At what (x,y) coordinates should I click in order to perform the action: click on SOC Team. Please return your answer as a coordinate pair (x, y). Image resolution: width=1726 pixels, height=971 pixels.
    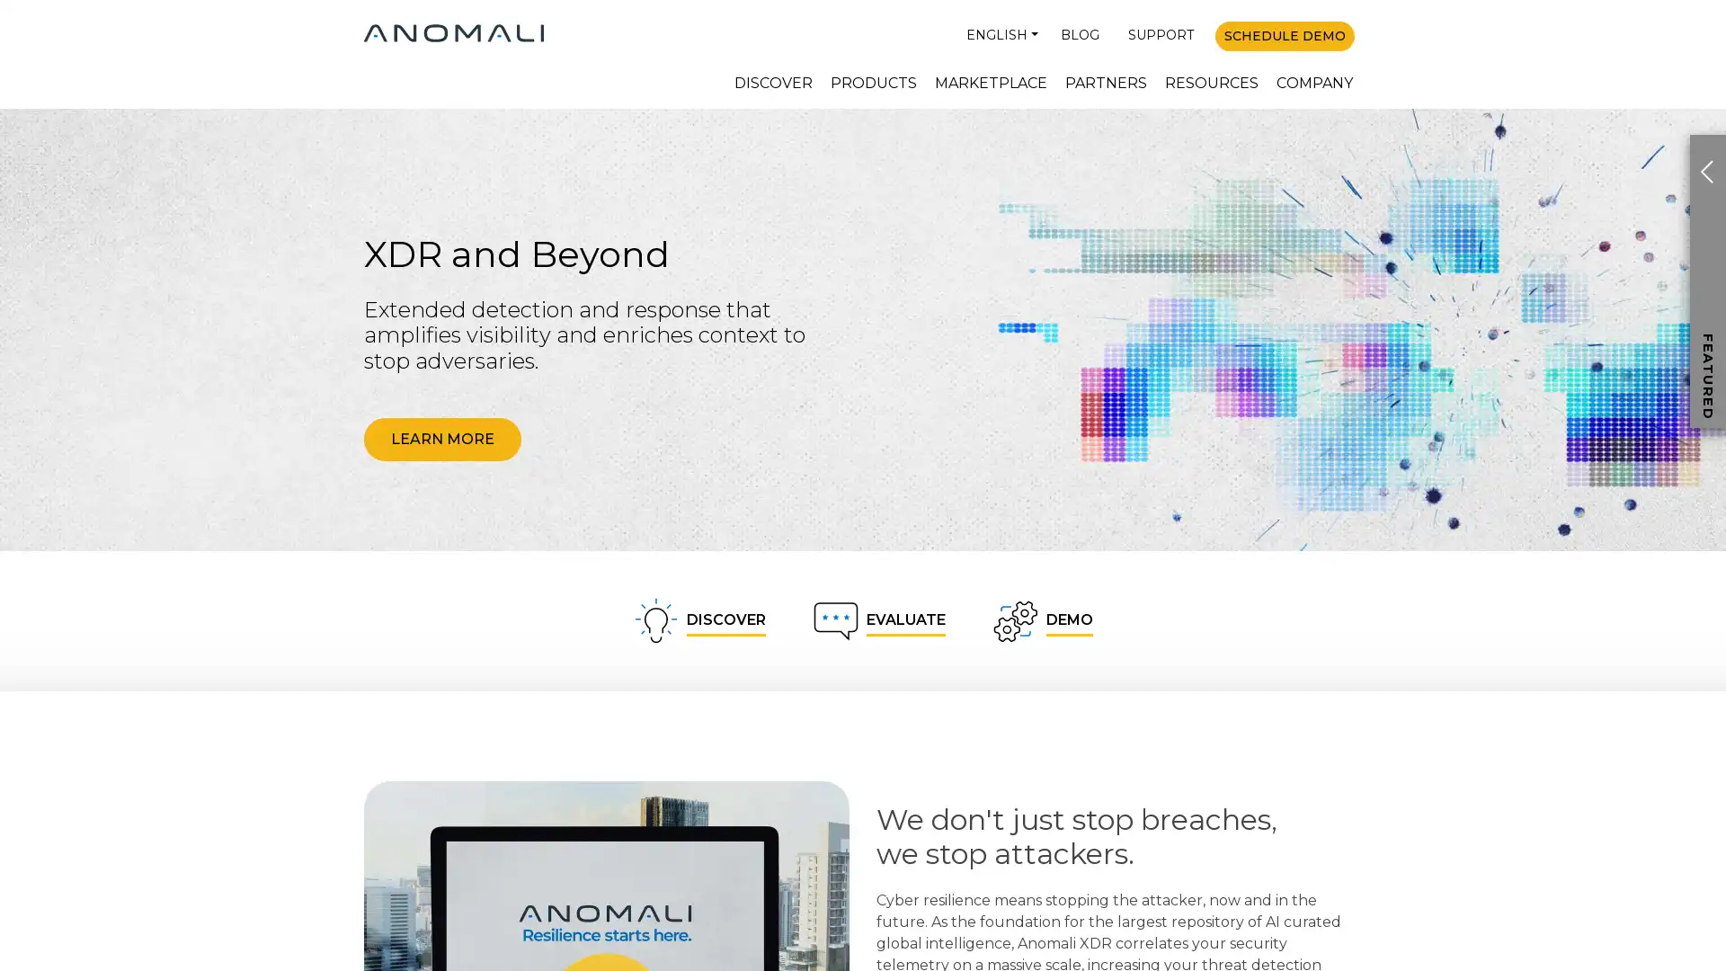
    Looking at the image, I should click on (1591, 553).